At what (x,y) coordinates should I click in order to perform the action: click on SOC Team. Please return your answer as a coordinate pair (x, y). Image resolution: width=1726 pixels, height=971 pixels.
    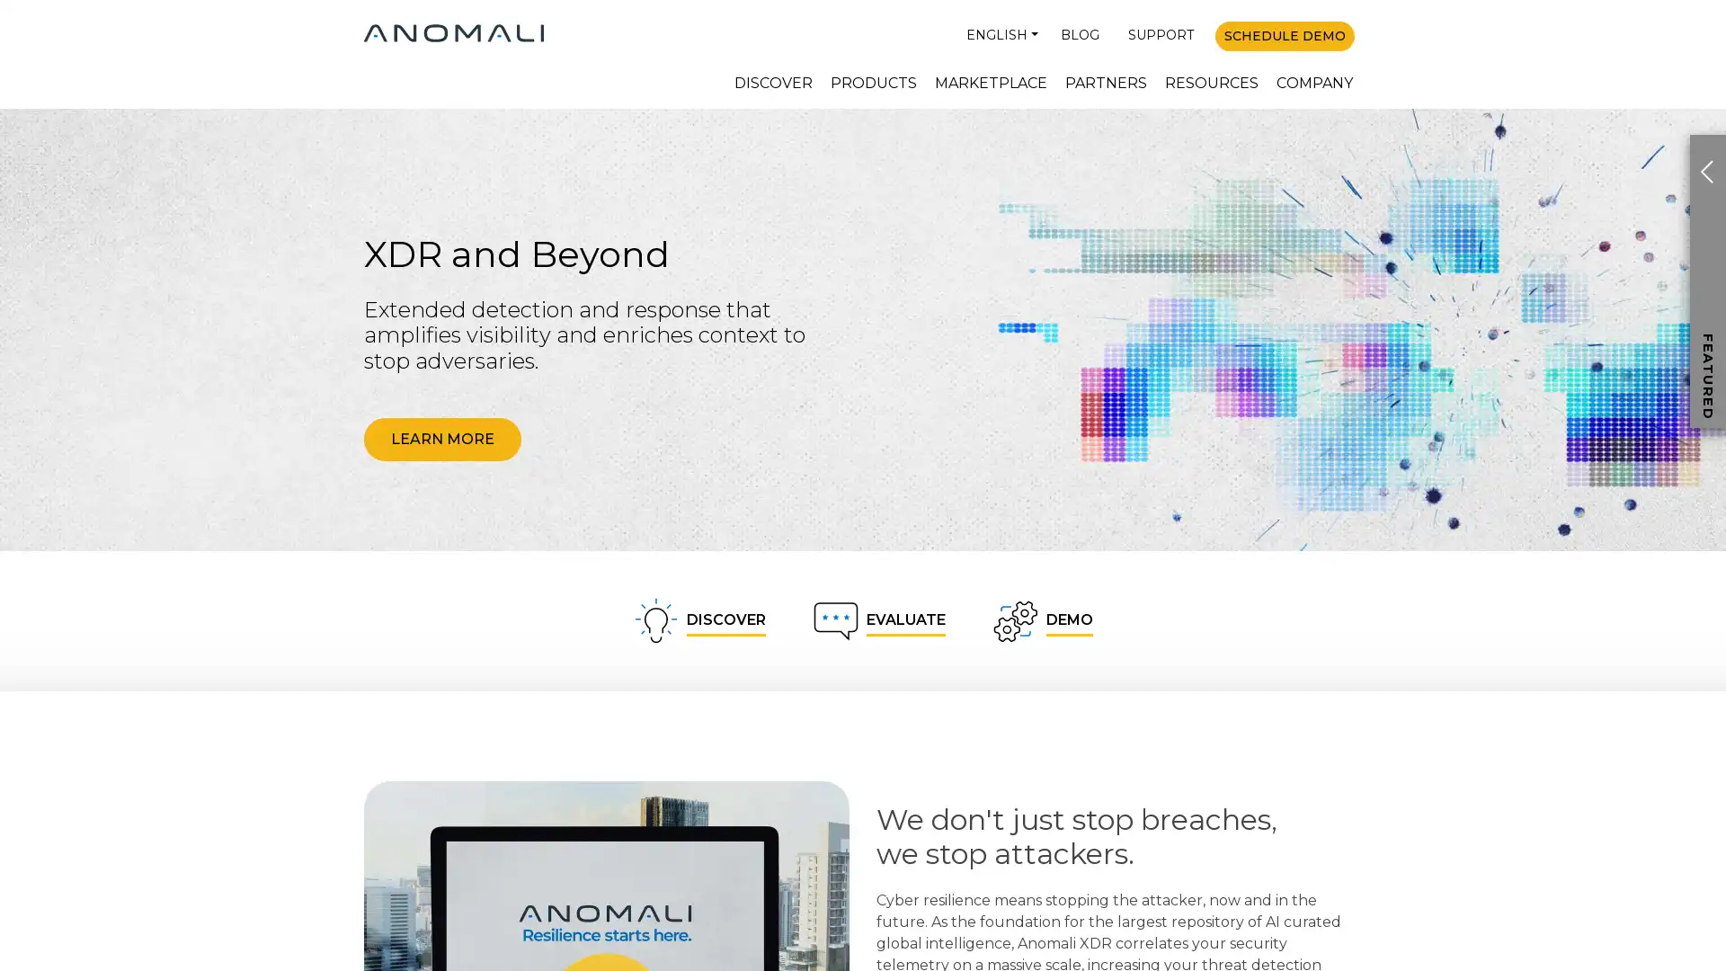
    Looking at the image, I should click on (1591, 553).